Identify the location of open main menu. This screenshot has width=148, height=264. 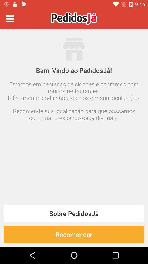
(10, 19).